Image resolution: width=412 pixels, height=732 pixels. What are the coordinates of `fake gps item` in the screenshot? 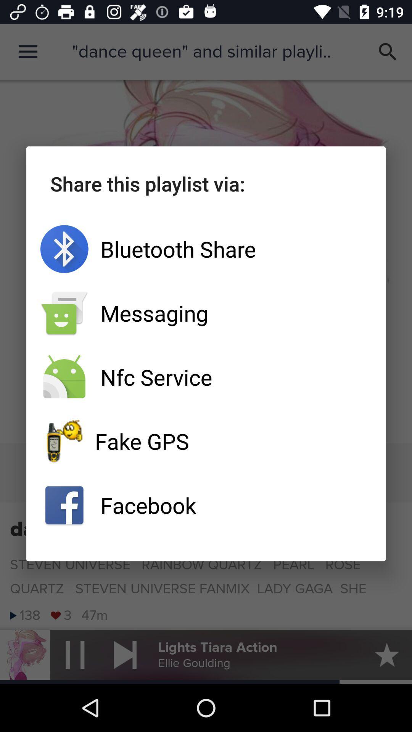 It's located at (206, 441).